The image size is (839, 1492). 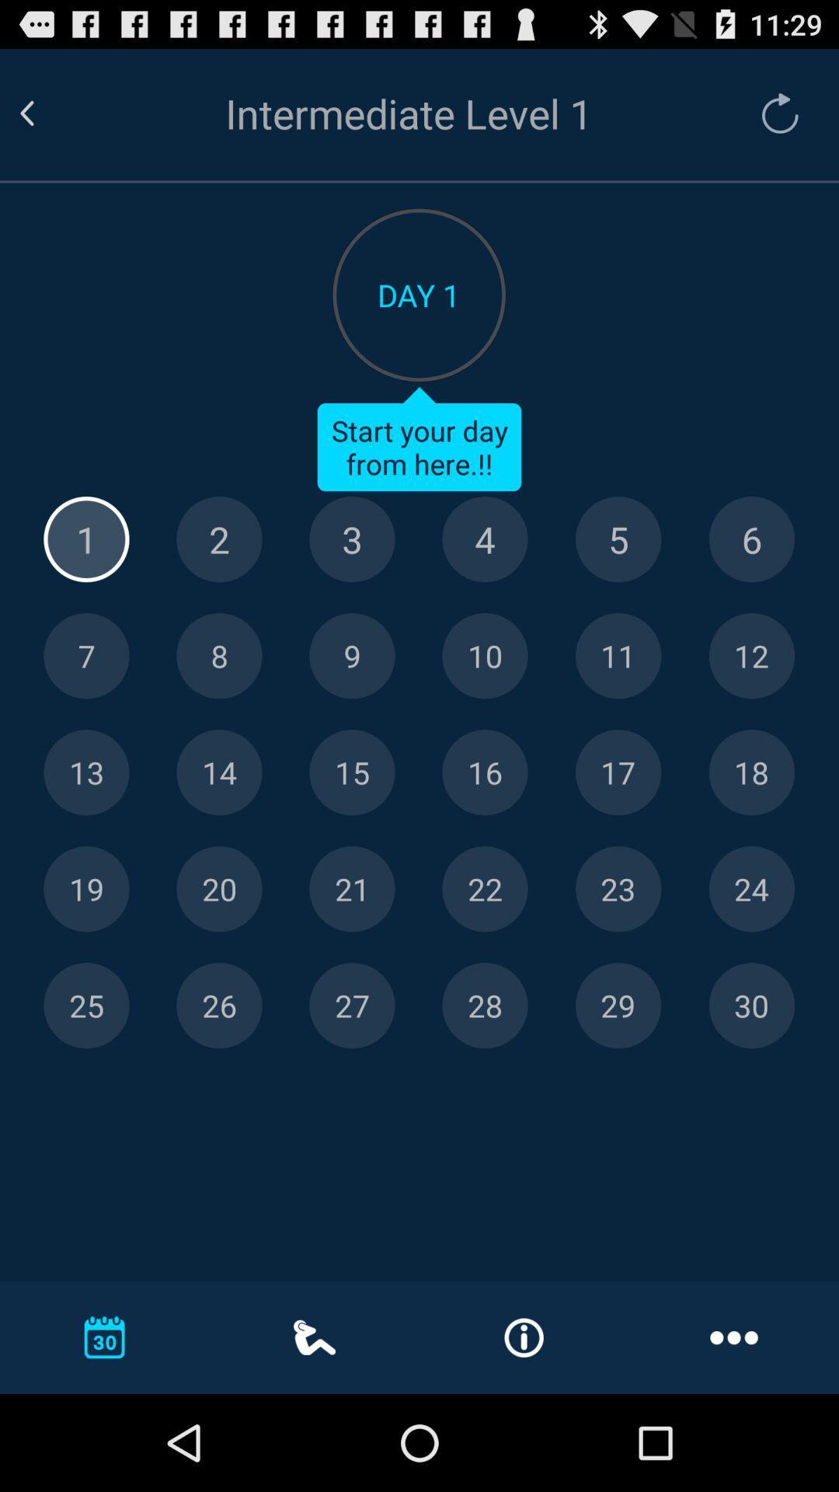 What do you see at coordinates (618, 1006) in the screenshot?
I see `29 as the date` at bounding box center [618, 1006].